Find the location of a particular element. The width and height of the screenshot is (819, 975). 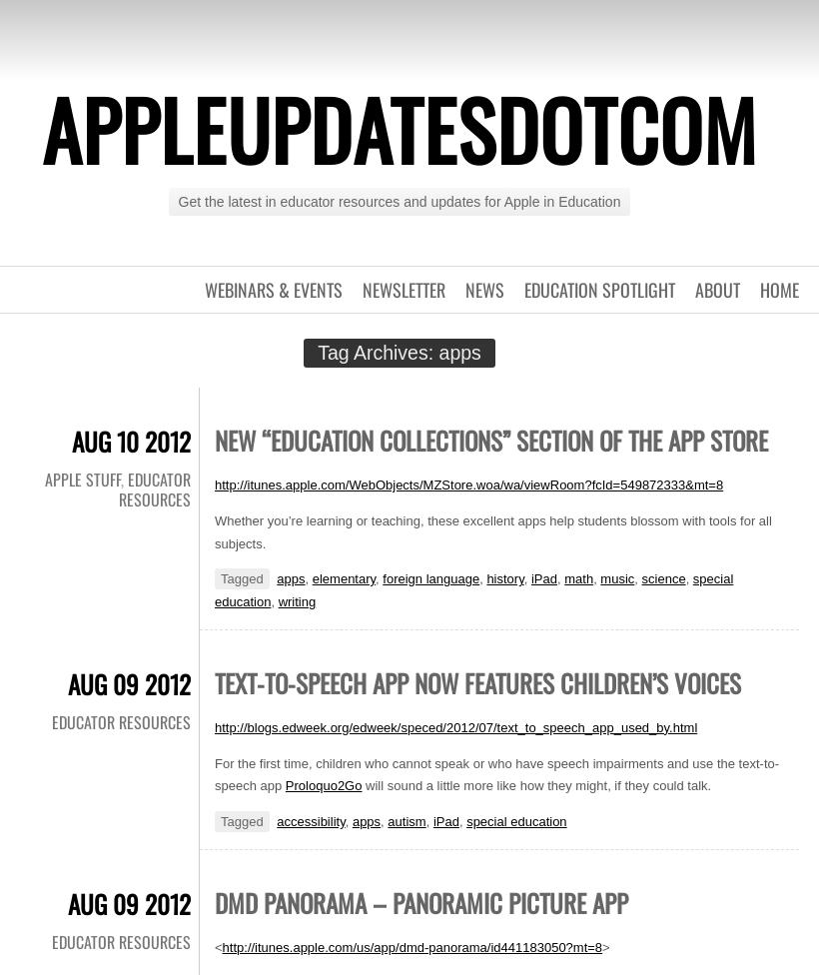

'Aug 10 2012' is located at coordinates (130, 440).